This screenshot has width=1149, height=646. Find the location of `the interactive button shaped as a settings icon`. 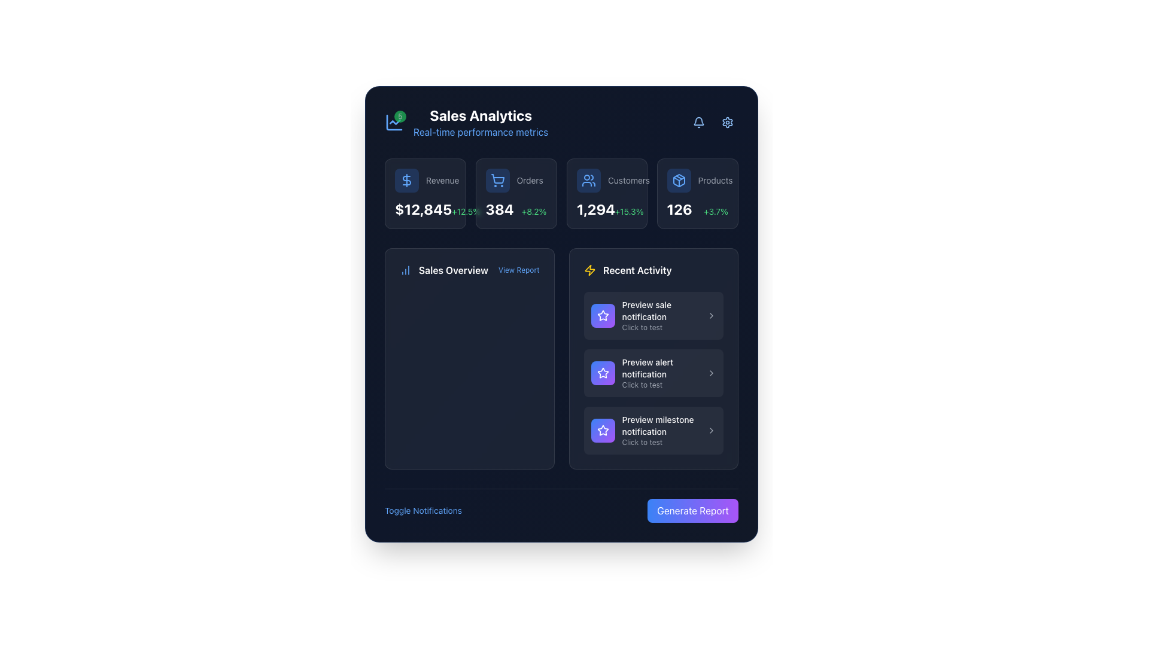

the interactive button shaped as a settings icon is located at coordinates (727, 122).